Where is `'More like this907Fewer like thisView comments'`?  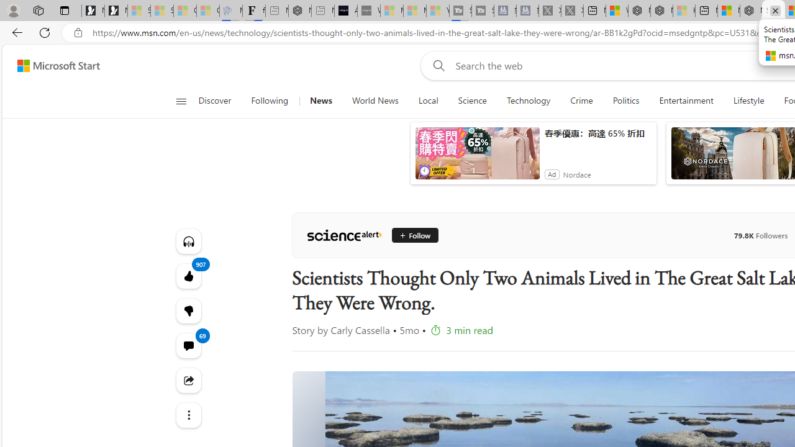 'More like this907Fewer like thisView comments' is located at coordinates (188, 310).